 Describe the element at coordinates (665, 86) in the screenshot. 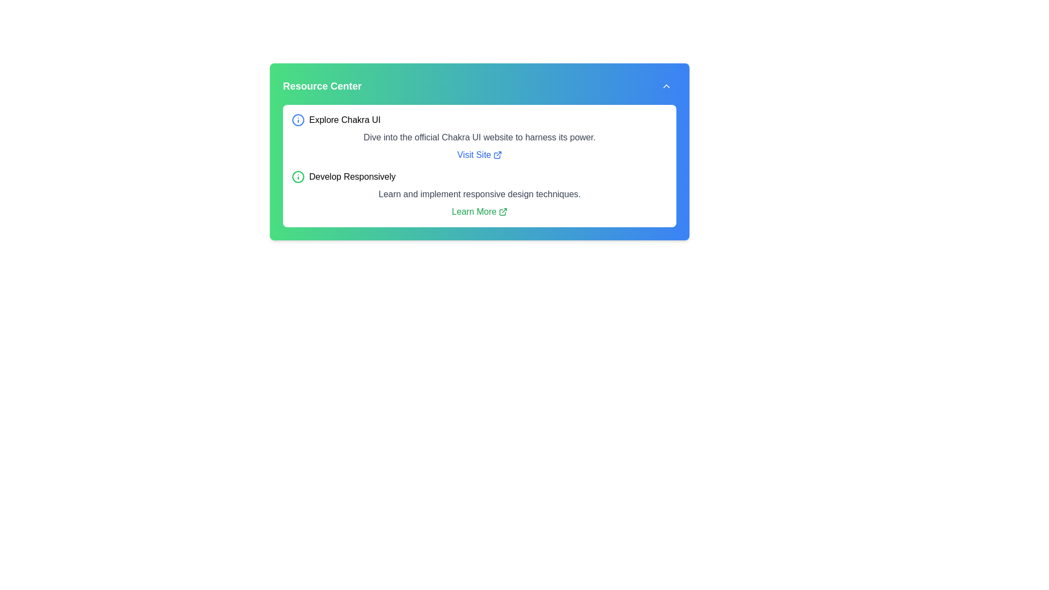

I see `the upward-facing chevron icon located in the rounded square button at the top-right corner of the blue-green dialog box labeled 'Resource Center'` at that location.